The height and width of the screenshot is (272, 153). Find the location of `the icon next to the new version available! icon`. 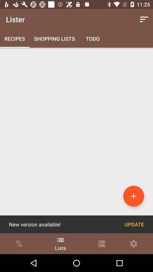

the icon next to the new version available! icon is located at coordinates (134, 224).